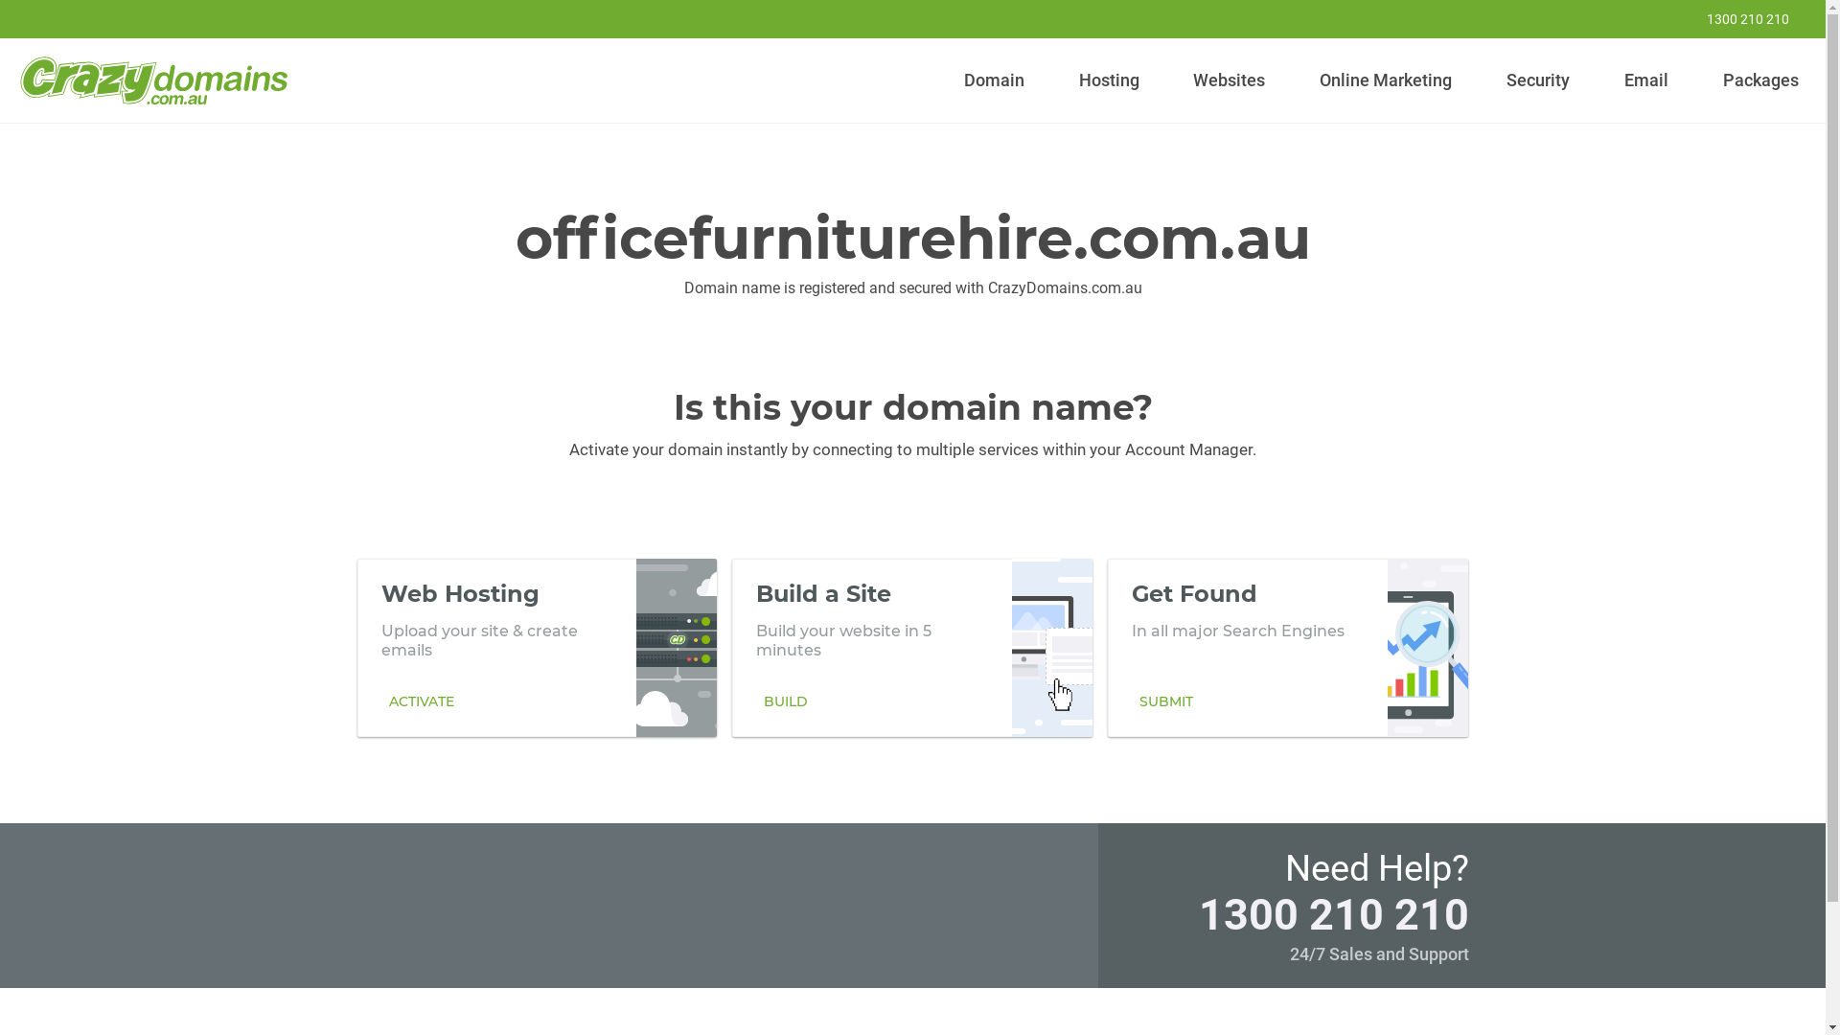 Image resolution: width=1840 pixels, height=1035 pixels. I want to click on 'Packages', so click(1760, 80).